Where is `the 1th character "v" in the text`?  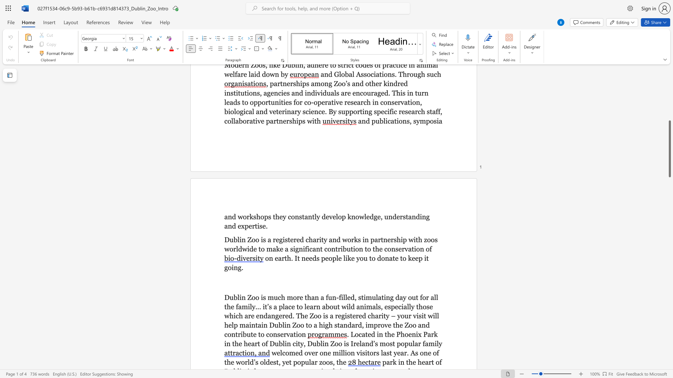
the 1th character "v" in the text is located at coordinates (331, 216).